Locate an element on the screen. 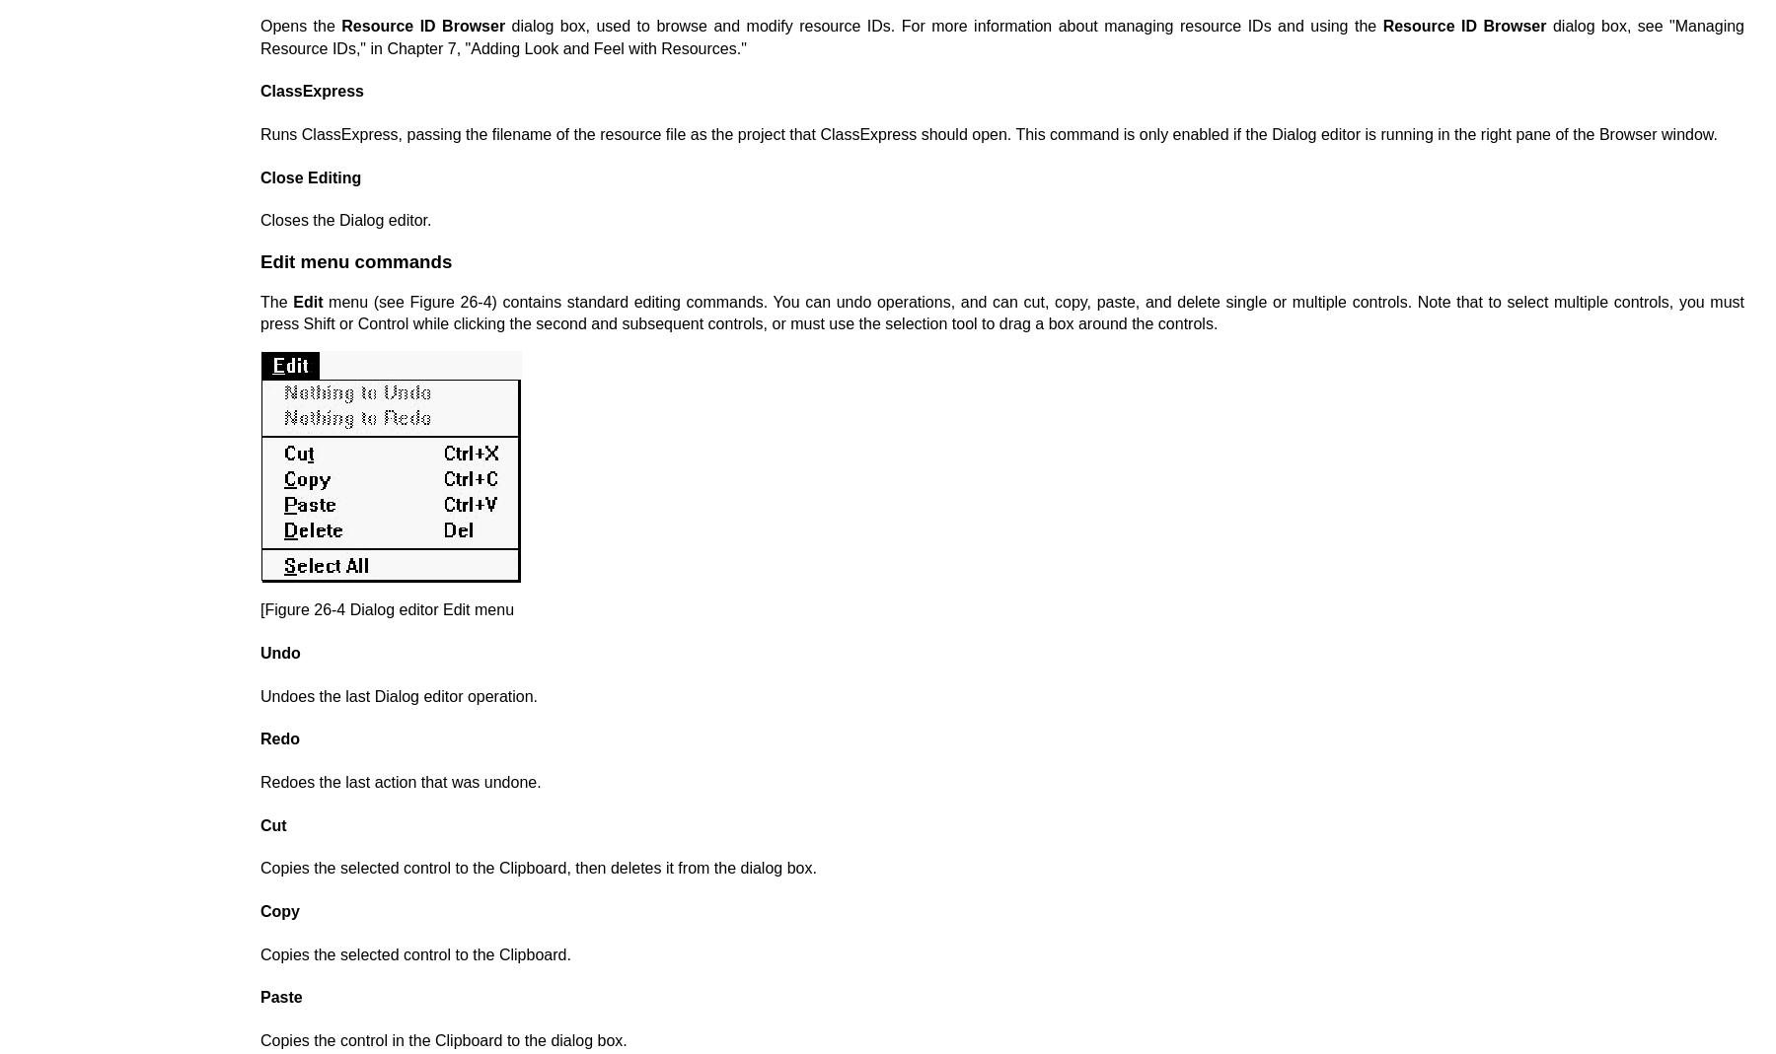  'dialog box, see "Managing 
Resource IDs," in Chapter 7, "Adding Look and Feel with Resources."' is located at coordinates (1001, 35).